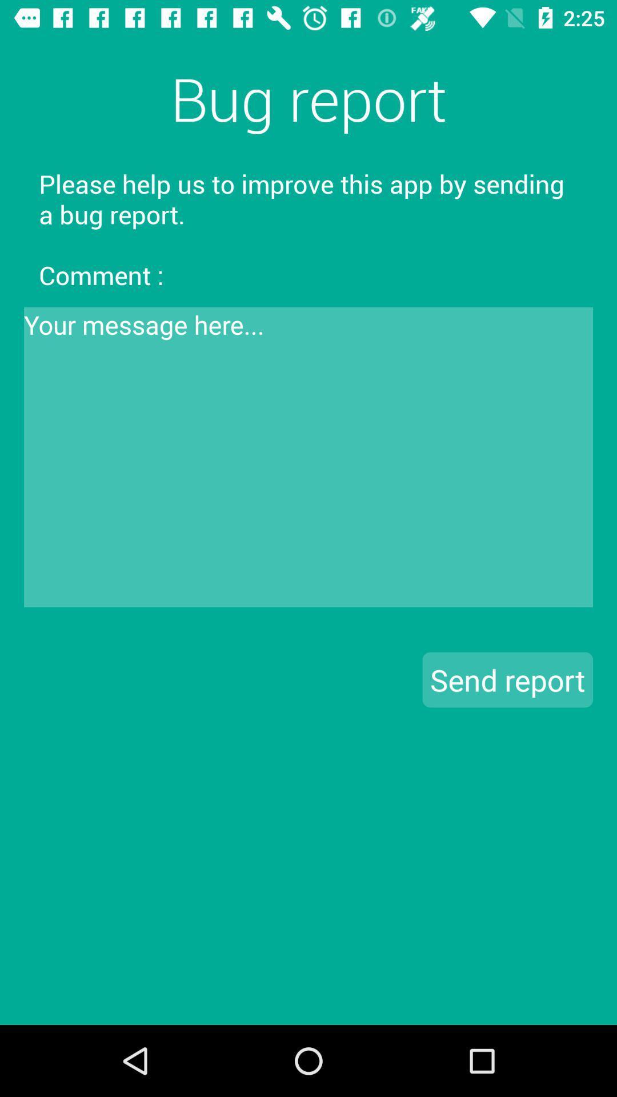 Image resolution: width=617 pixels, height=1097 pixels. What do you see at coordinates (308, 457) in the screenshot?
I see `open comment search bar` at bounding box center [308, 457].